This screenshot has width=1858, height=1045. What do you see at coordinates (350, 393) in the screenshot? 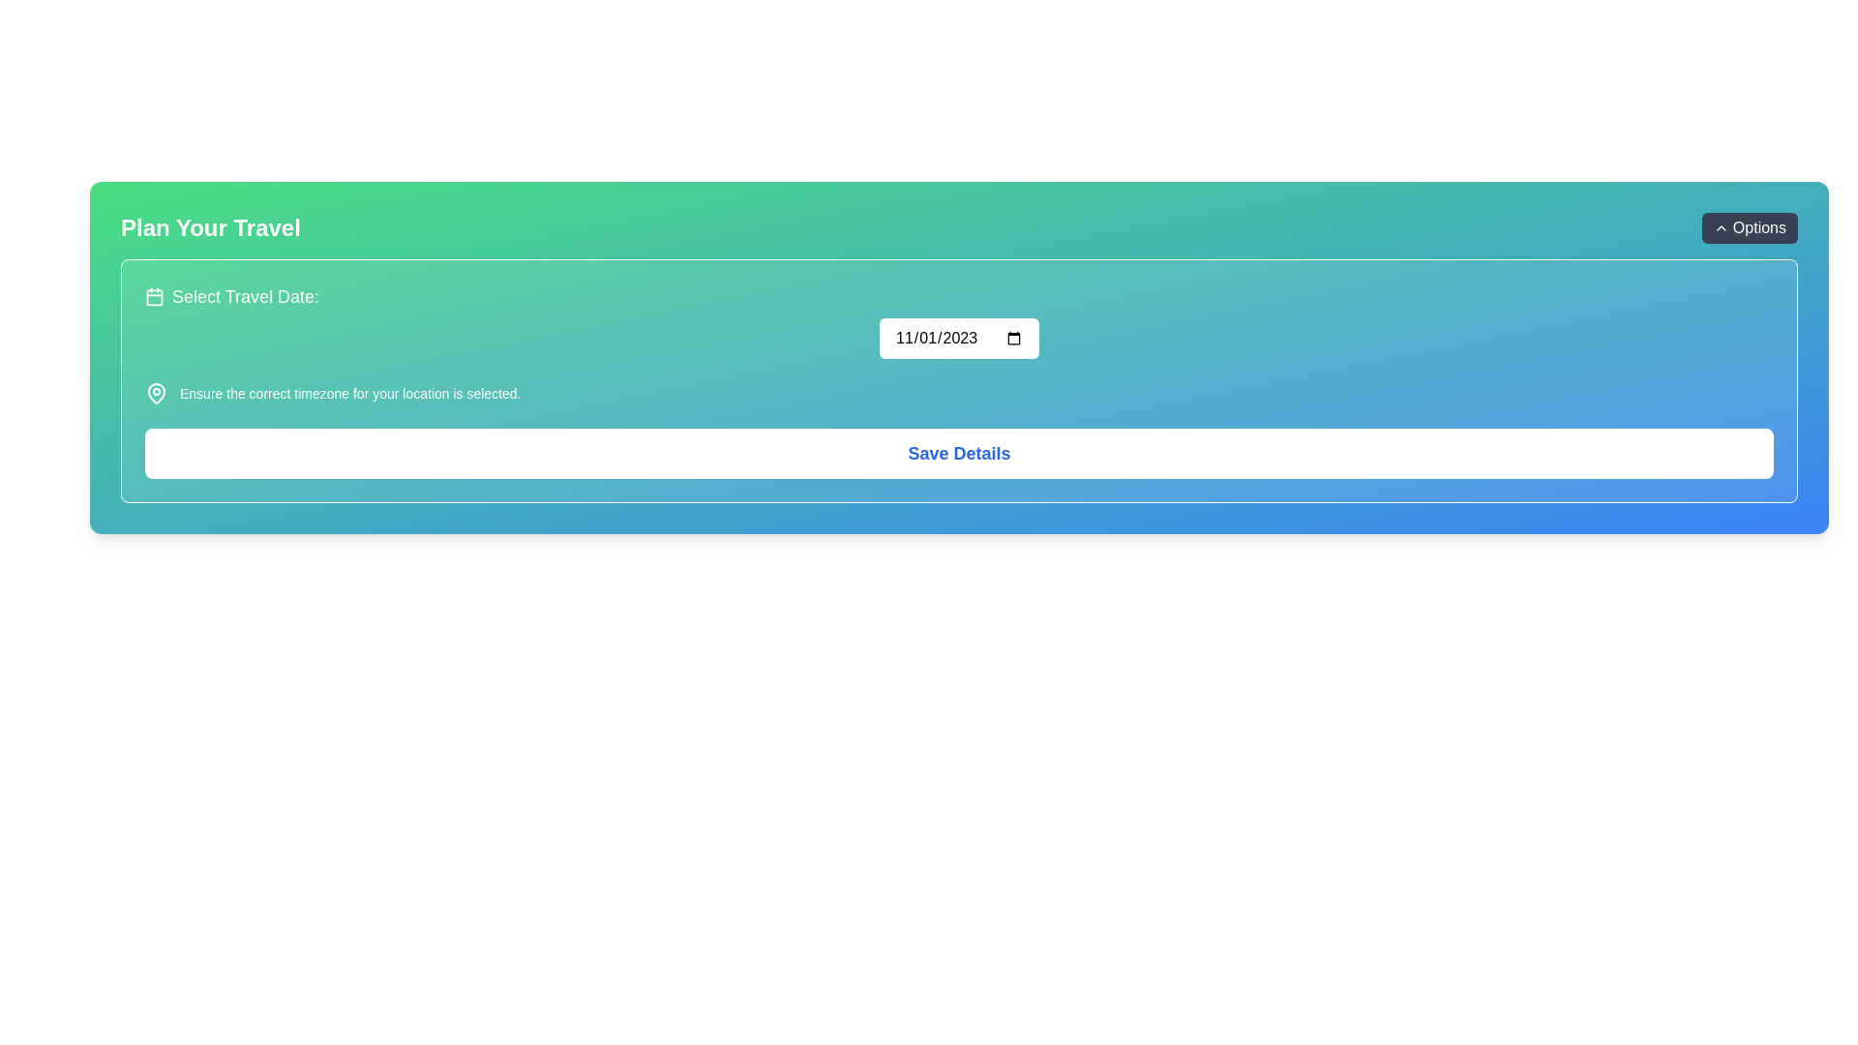
I see `the informational guidance text regarding the timezone setting located beneath the location icon on the left side of the section` at bounding box center [350, 393].